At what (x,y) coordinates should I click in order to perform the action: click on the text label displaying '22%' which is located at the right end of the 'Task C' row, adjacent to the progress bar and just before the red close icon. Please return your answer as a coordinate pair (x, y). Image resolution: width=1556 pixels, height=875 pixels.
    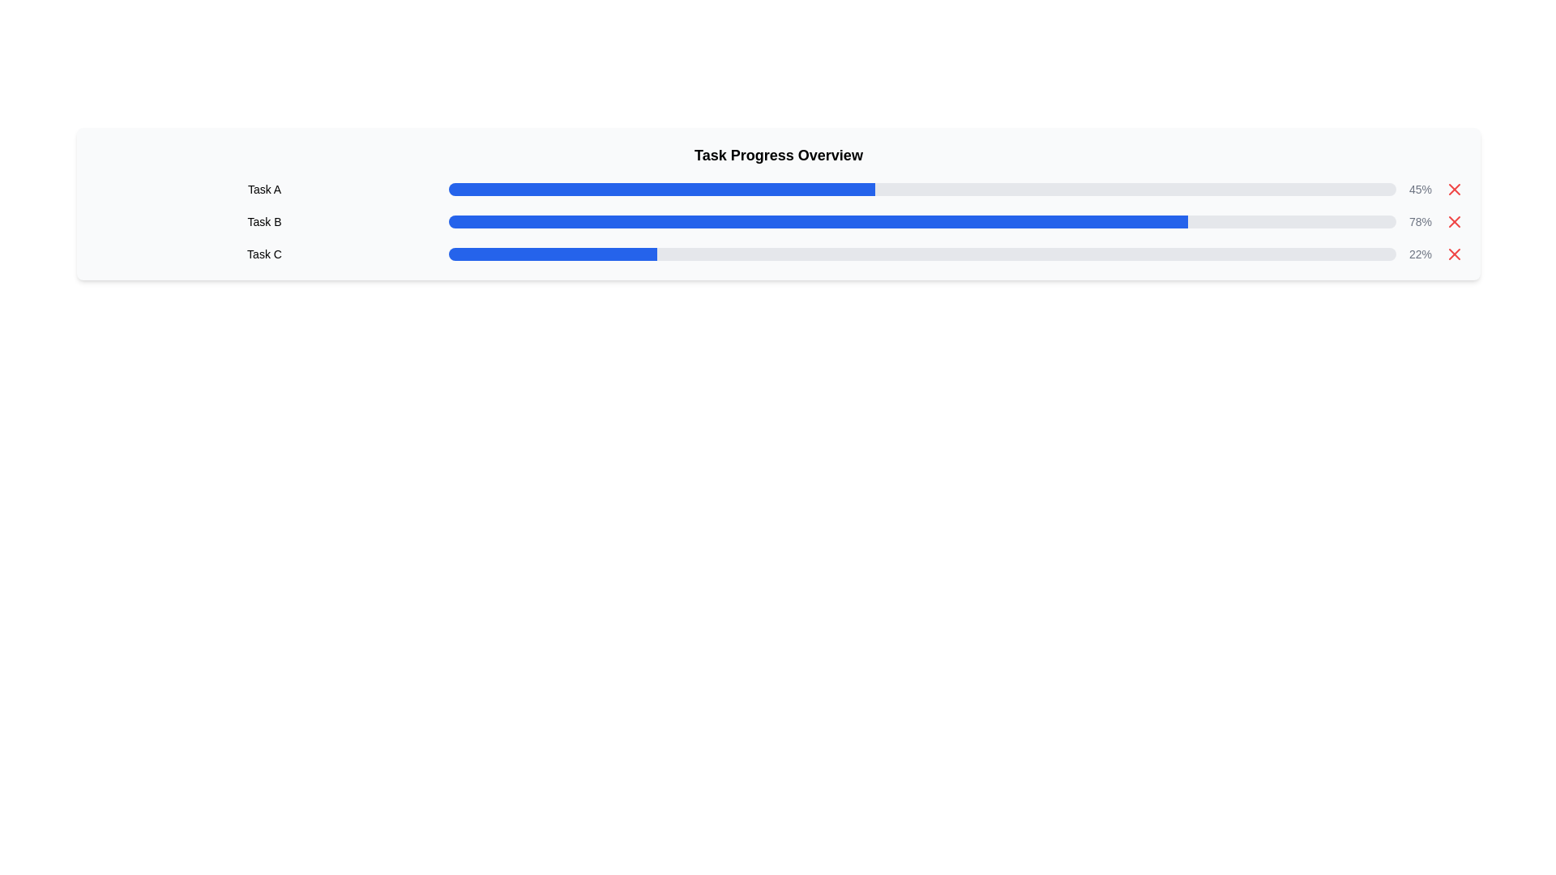
    Looking at the image, I should click on (1419, 254).